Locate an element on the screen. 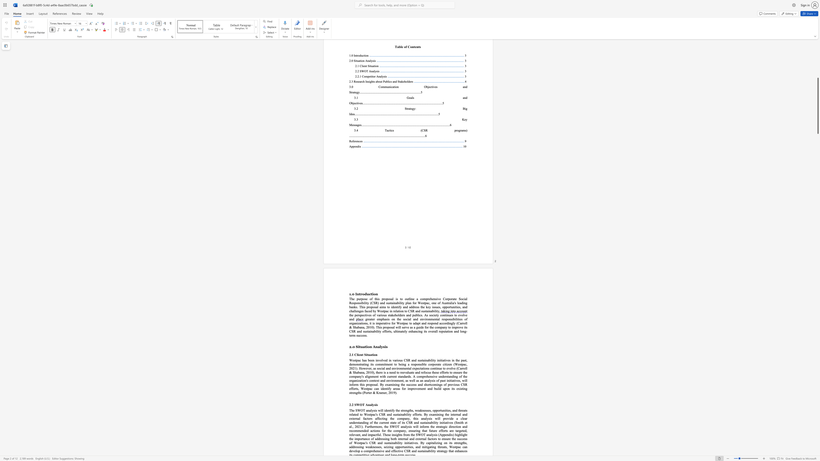  the subset text "troduction" within the text "1.0 Introduction" is located at coordinates (359, 294).